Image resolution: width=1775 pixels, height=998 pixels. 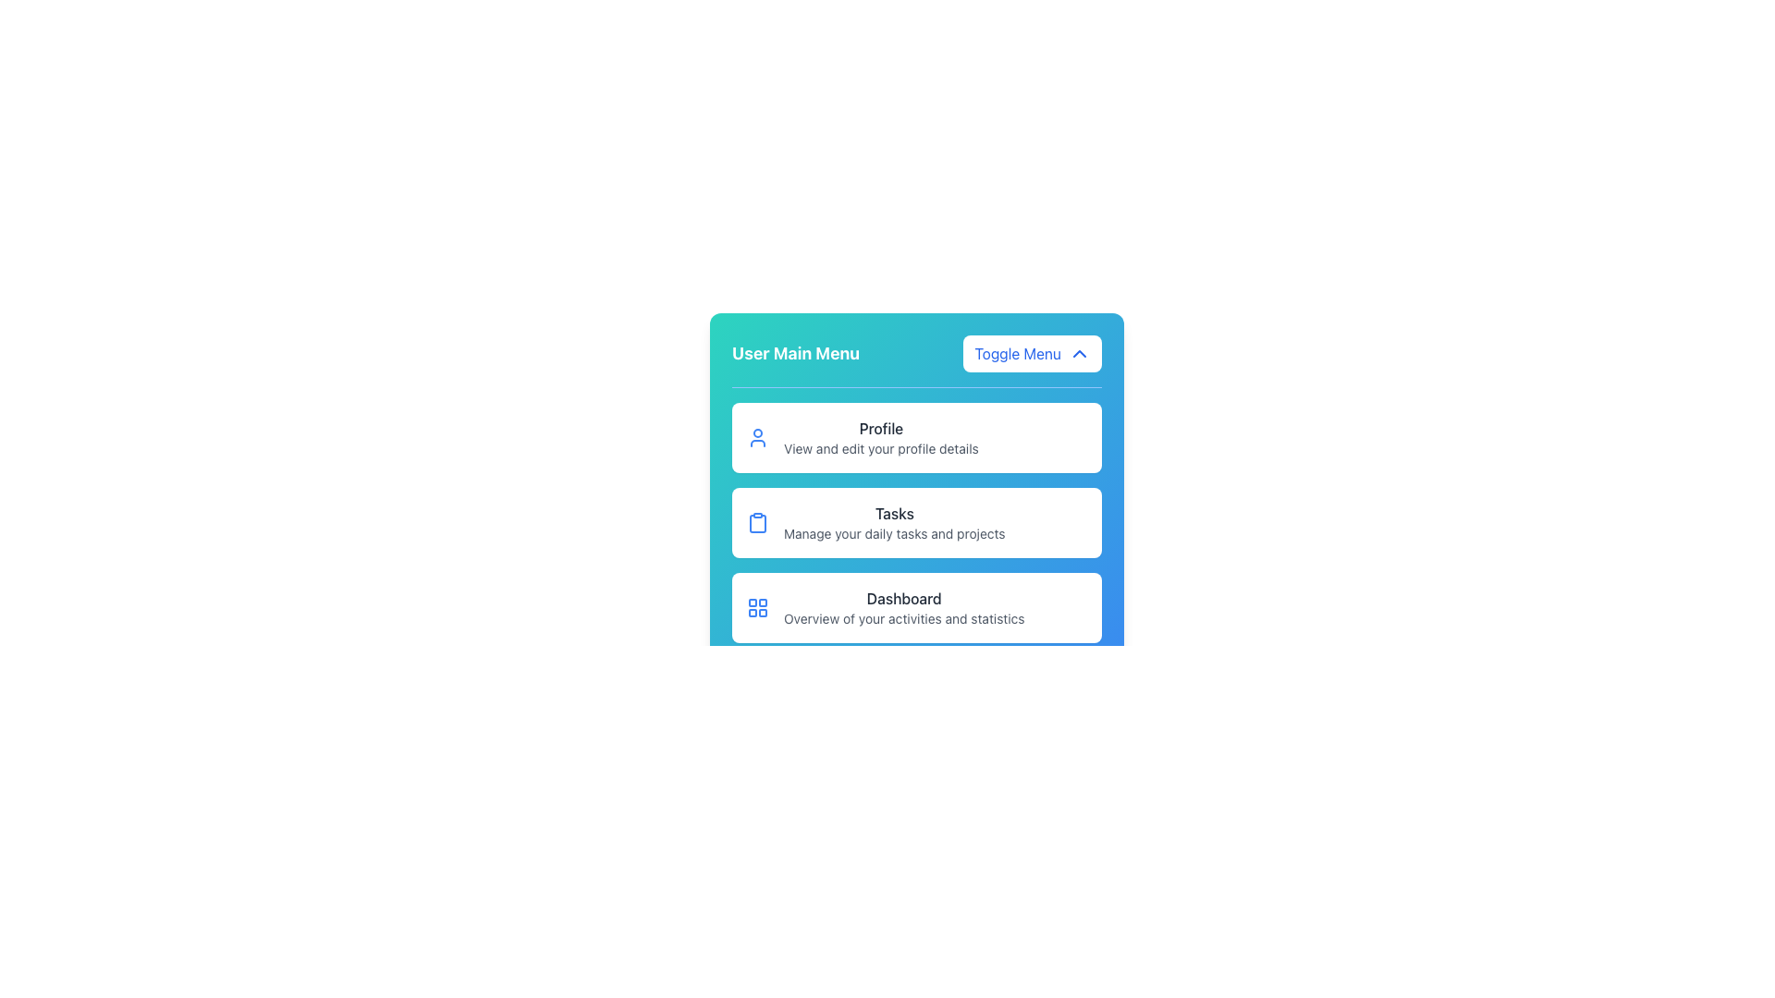 What do you see at coordinates (758, 608) in the screenshot?
I see `the grid-like icon with four blue outlined squares located in the 'Dashboard' section, positioned left of the 'Dashboard' title text` at bounding box center [758, 608].